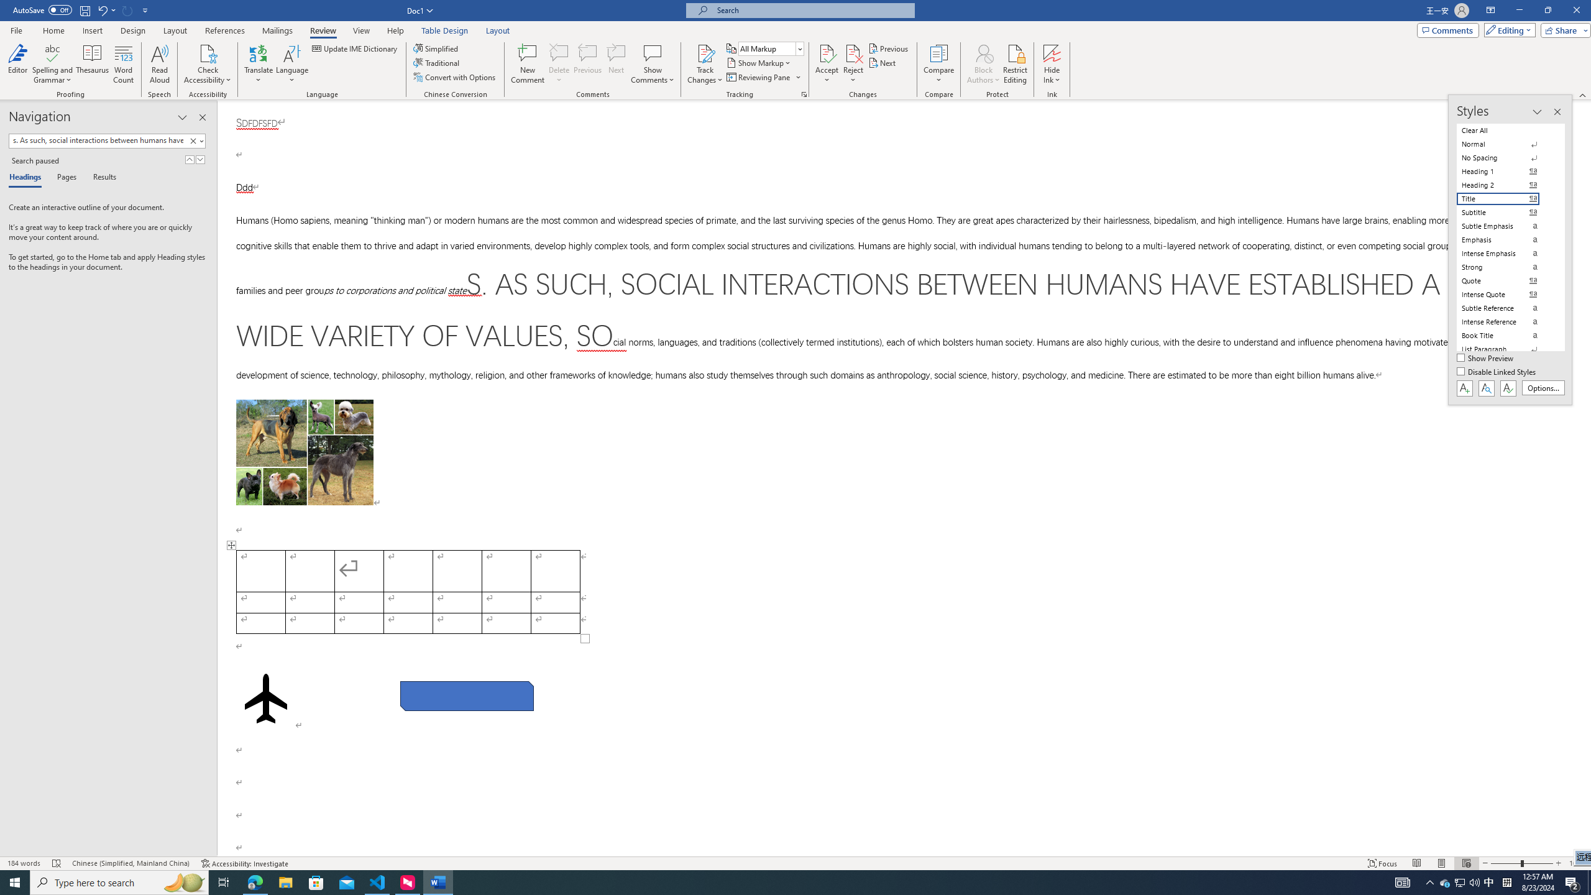 Image resolution: width=1591 pixels, height=895 pixels. What do you see at coordinates (292, 64) in the screenshot?
I see `'Language'` at bounding box center [292, 64].